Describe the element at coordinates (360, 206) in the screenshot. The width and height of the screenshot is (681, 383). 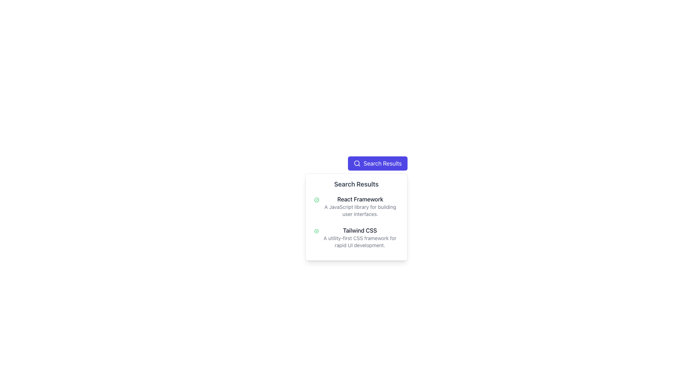
I see `text block conveying information about the 'React Framework,' which is the first item in a vertically stacked list of components` at that location.